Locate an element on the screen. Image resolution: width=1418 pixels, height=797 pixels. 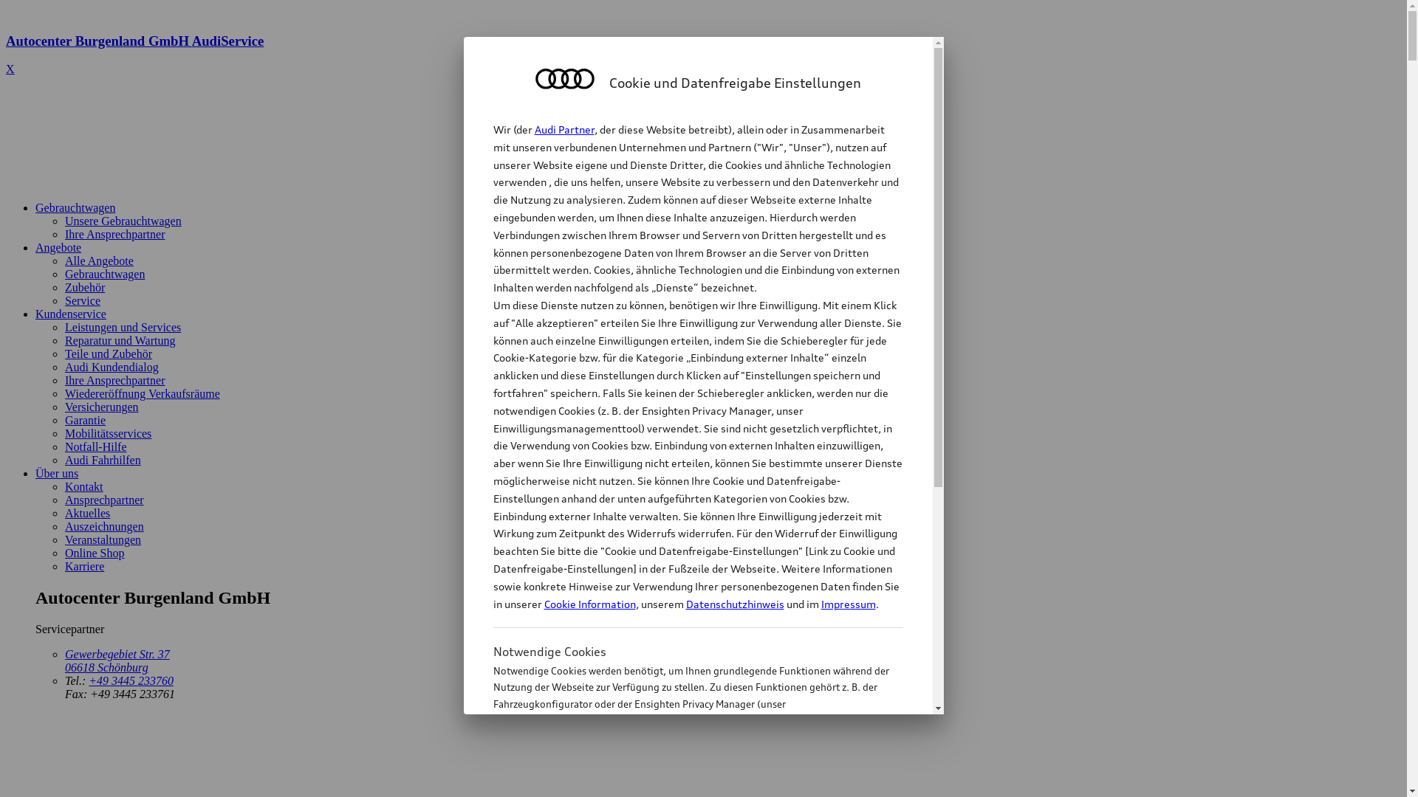
'Garantie' is located at coordinates (84, 420).